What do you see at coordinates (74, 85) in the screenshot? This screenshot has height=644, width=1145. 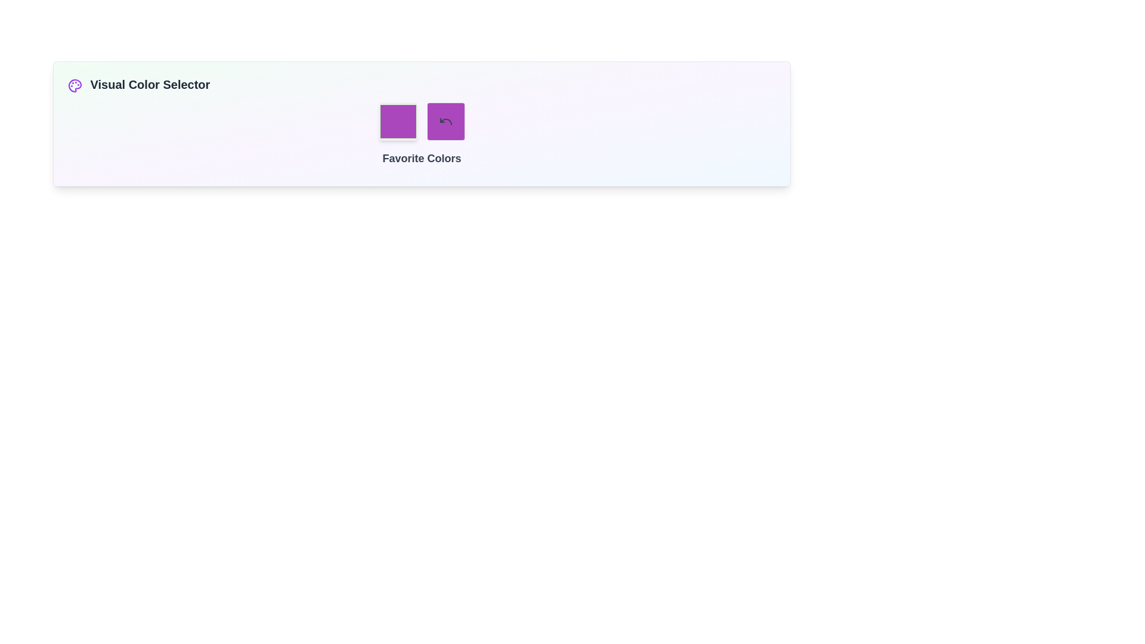 I see `the graphical icon resembling a purple palette, located in the upper-left segment of the interface, right of the text label 'Visual Color Selector'` at bounding box center [74, 85].